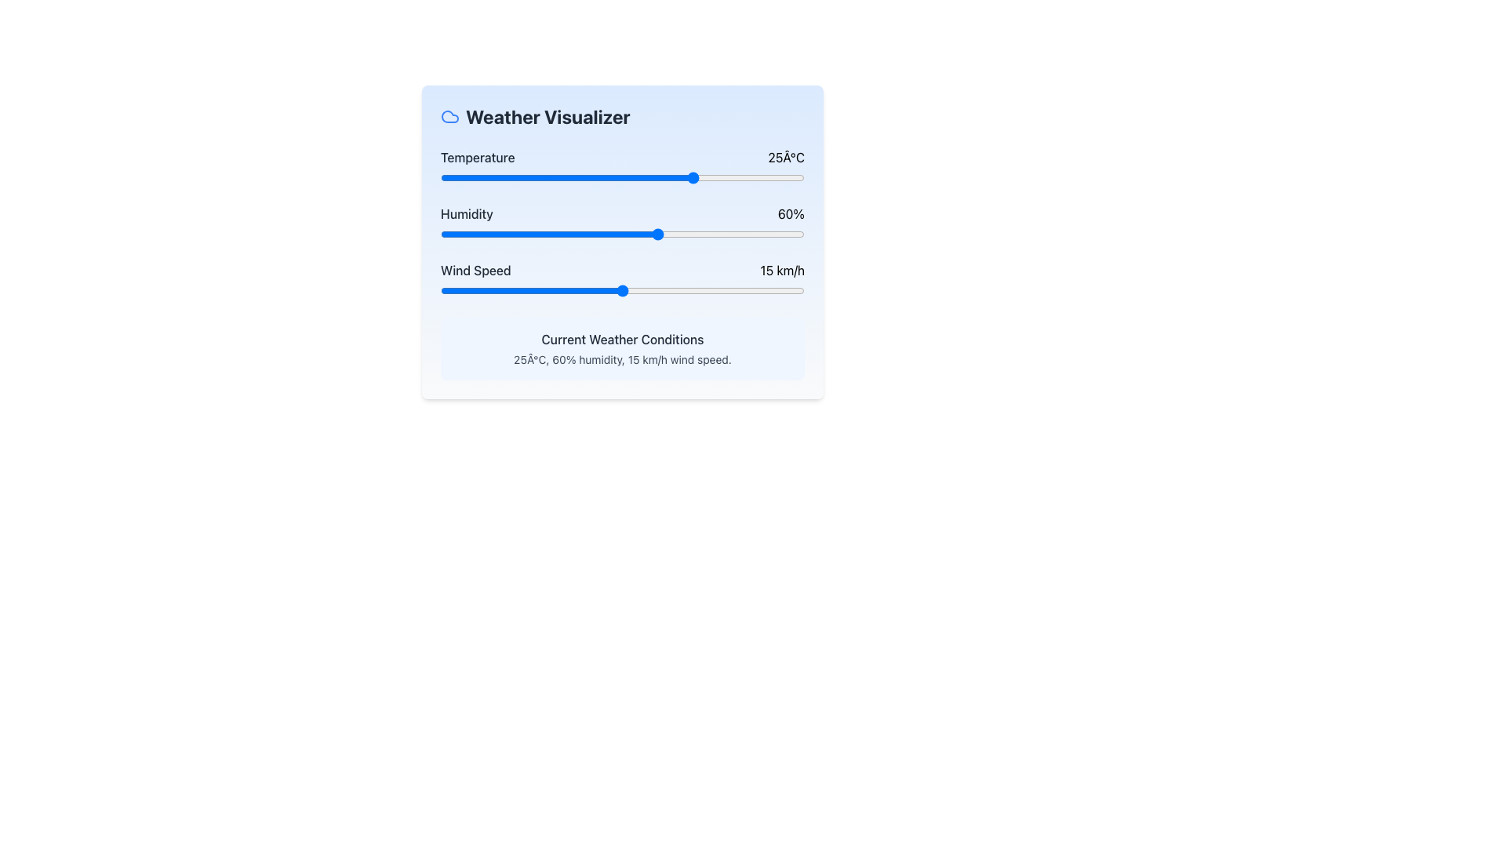  Describe the element at coordinates (743, 290) in the screenshot. I see `wind speed` at that location.